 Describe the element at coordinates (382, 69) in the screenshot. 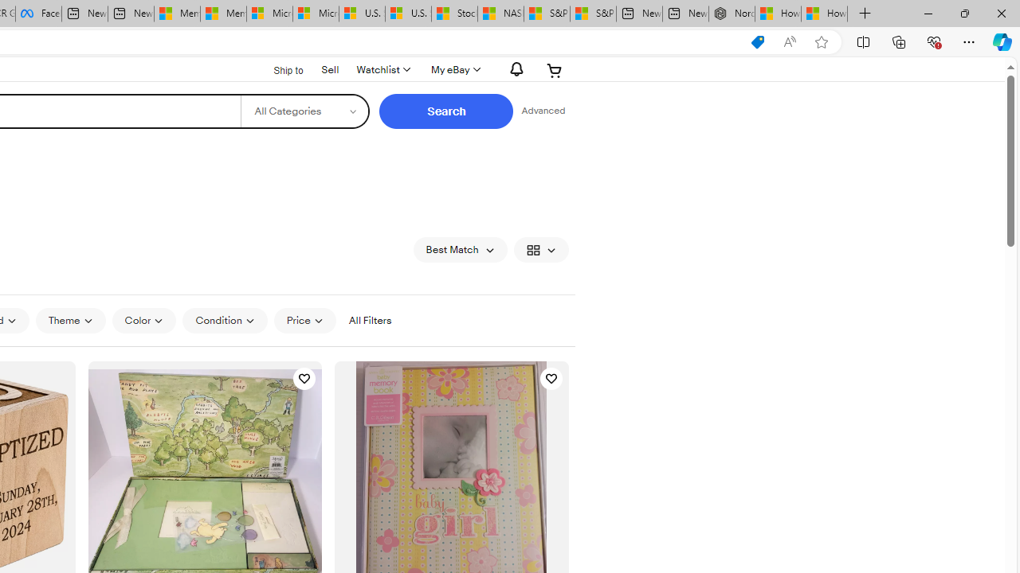

I see `'WatchlistExpand Watch List'` at that location.